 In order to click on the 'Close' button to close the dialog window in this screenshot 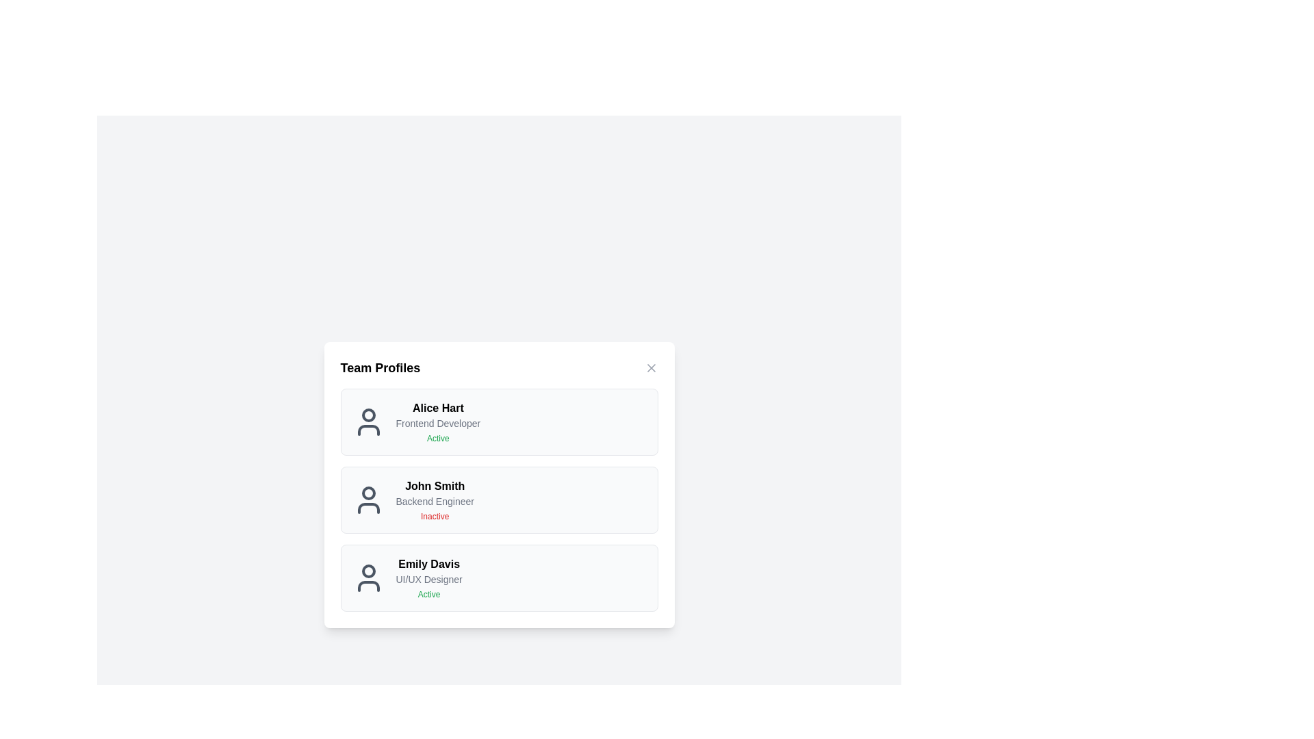, I will do `click(650, 367)`.